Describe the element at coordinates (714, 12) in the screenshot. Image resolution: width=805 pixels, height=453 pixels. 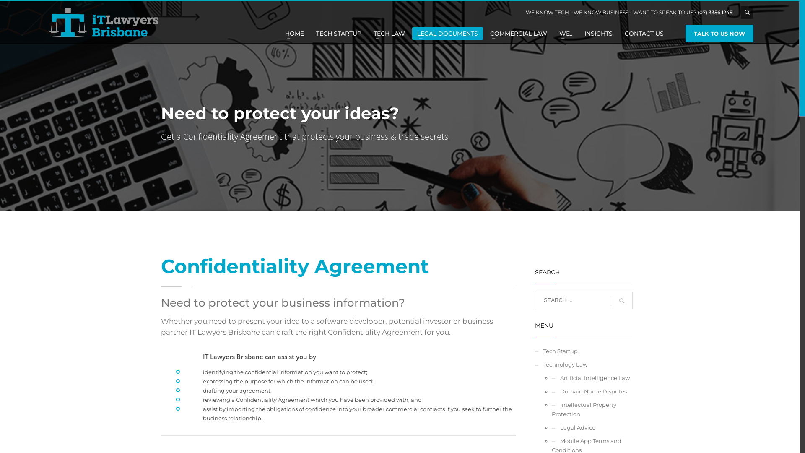
I see `'(07) 3356 1245'` at that location.